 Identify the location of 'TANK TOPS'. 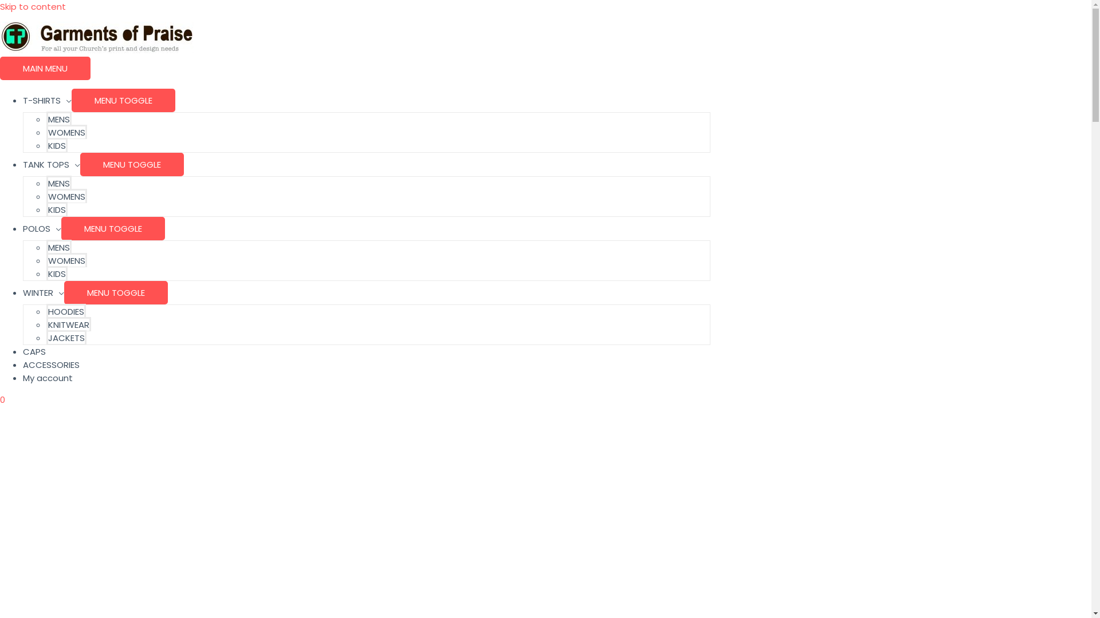
(51, 164).